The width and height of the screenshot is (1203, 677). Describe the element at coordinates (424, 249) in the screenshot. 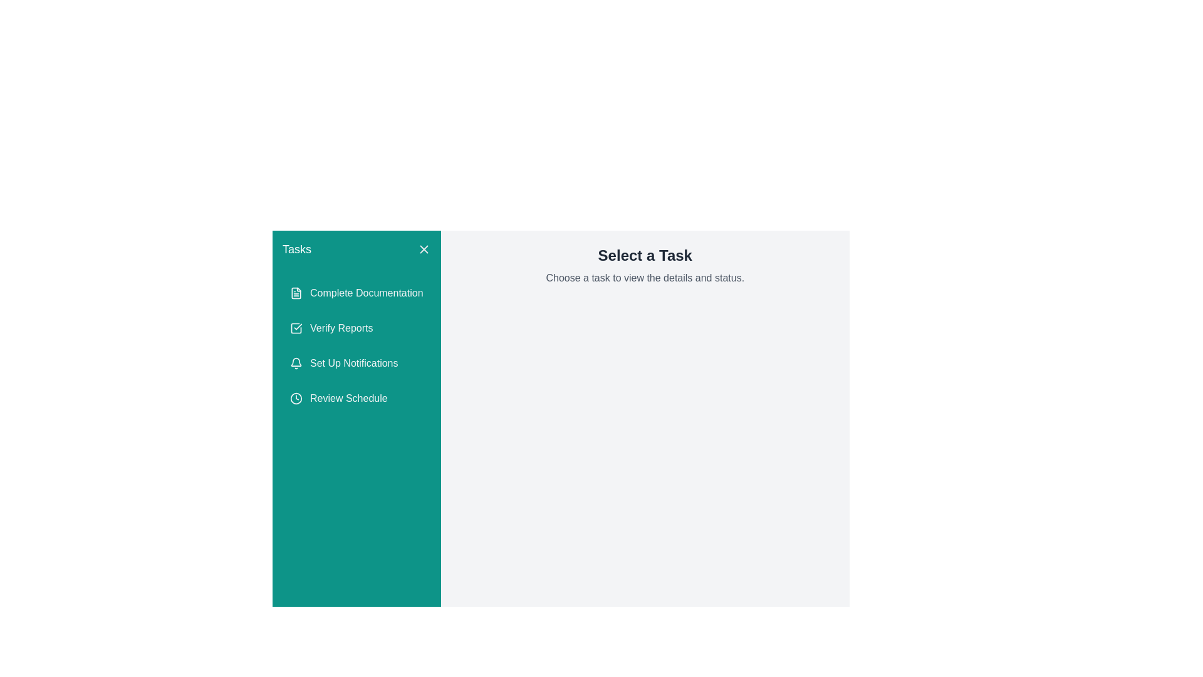

I see `the thin diagonal line forming part of the 'X' symbol in the close button icon located in the top-right corner of the green sidebar panel` at that location.